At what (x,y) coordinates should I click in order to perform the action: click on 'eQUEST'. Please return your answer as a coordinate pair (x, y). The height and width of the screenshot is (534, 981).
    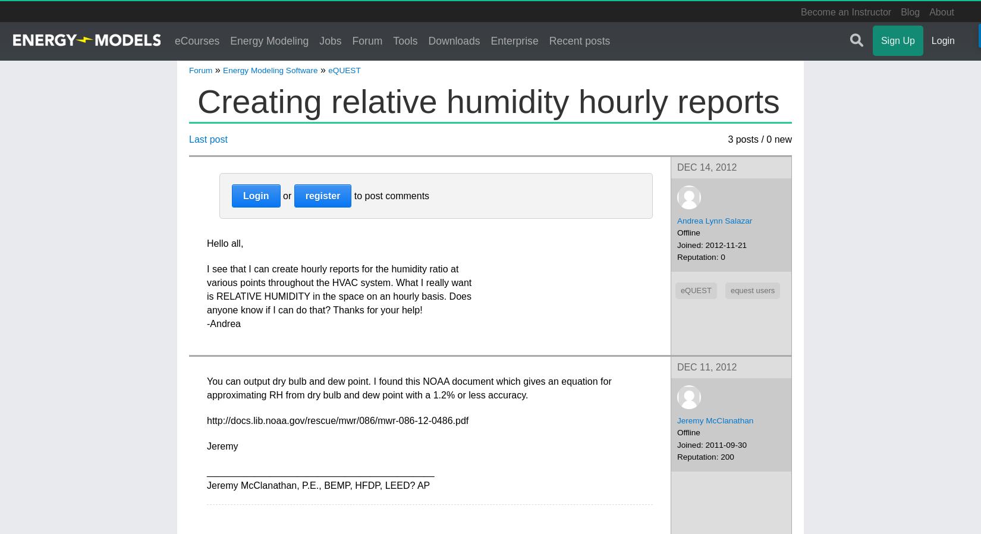
    Looking at the image, I should click on (343, 69).